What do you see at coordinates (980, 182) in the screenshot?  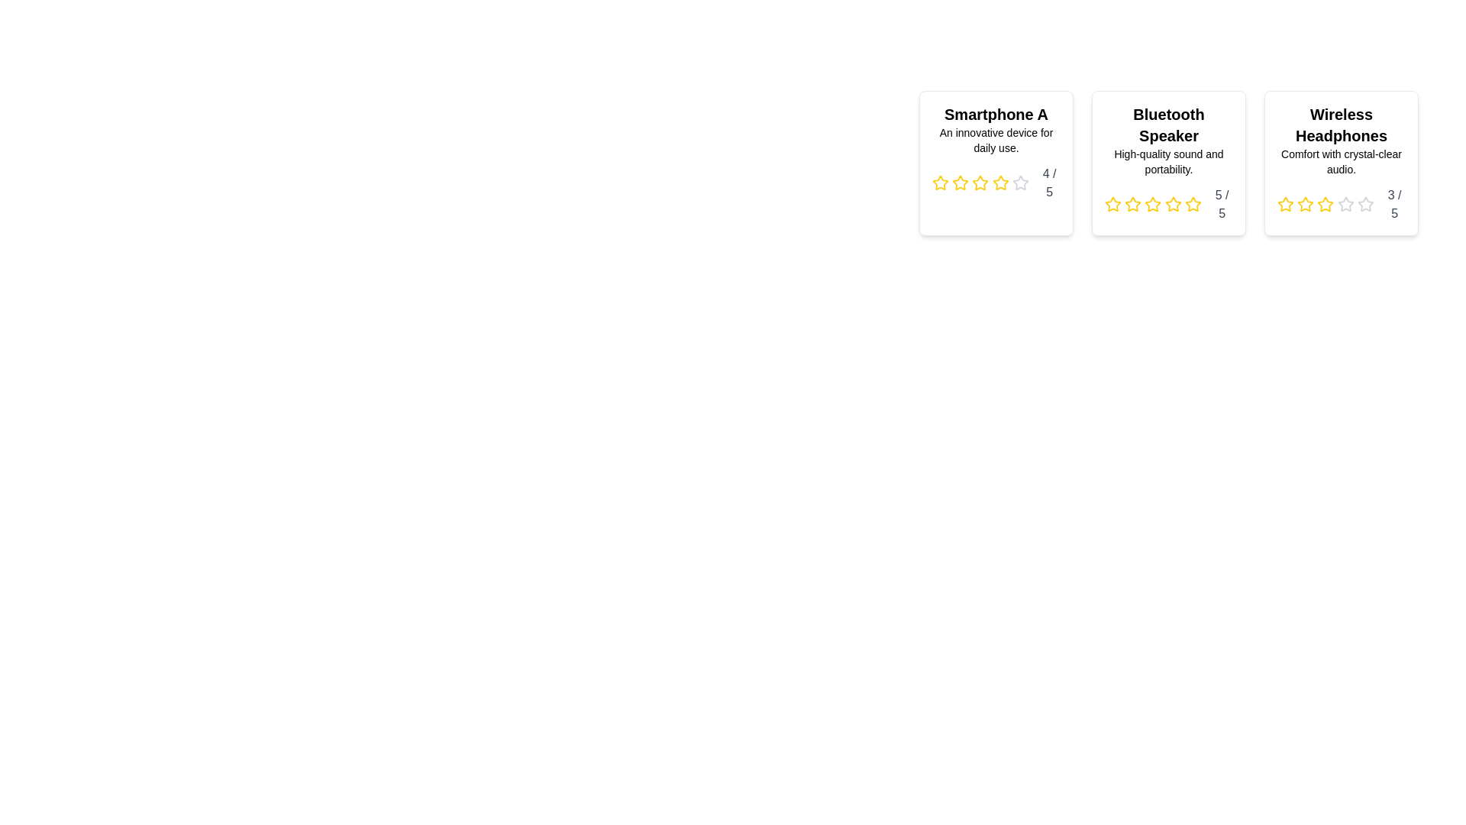 I see `the star corresponding to the desired rating of 3 for the product` at bounding box center [980, 182].